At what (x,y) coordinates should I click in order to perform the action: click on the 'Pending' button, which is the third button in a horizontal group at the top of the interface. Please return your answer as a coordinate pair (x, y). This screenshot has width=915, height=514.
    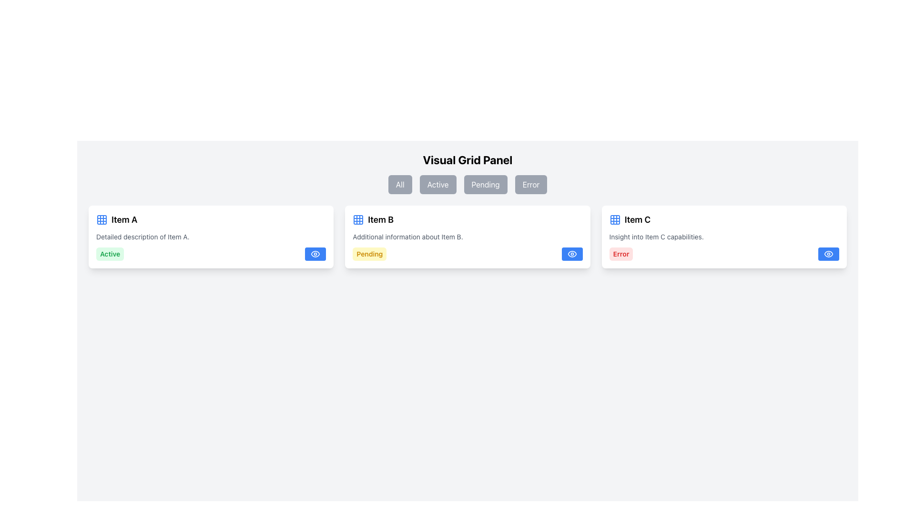
    Looking at the image, I should click on (486, 185).